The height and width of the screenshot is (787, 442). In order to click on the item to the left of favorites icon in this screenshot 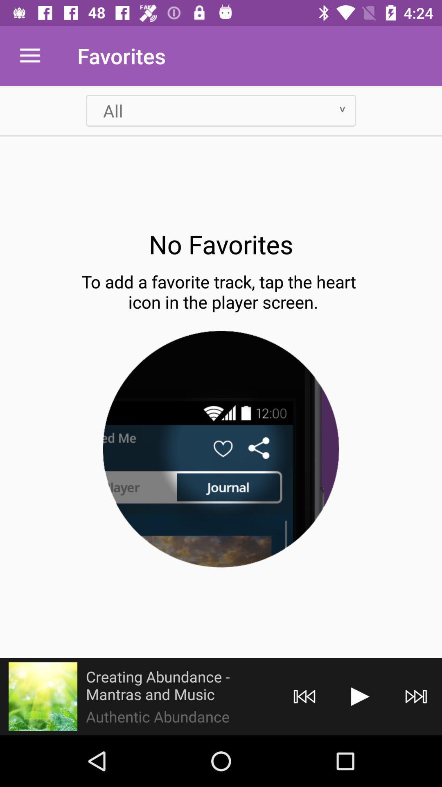, I will do `click(29, 55)`.